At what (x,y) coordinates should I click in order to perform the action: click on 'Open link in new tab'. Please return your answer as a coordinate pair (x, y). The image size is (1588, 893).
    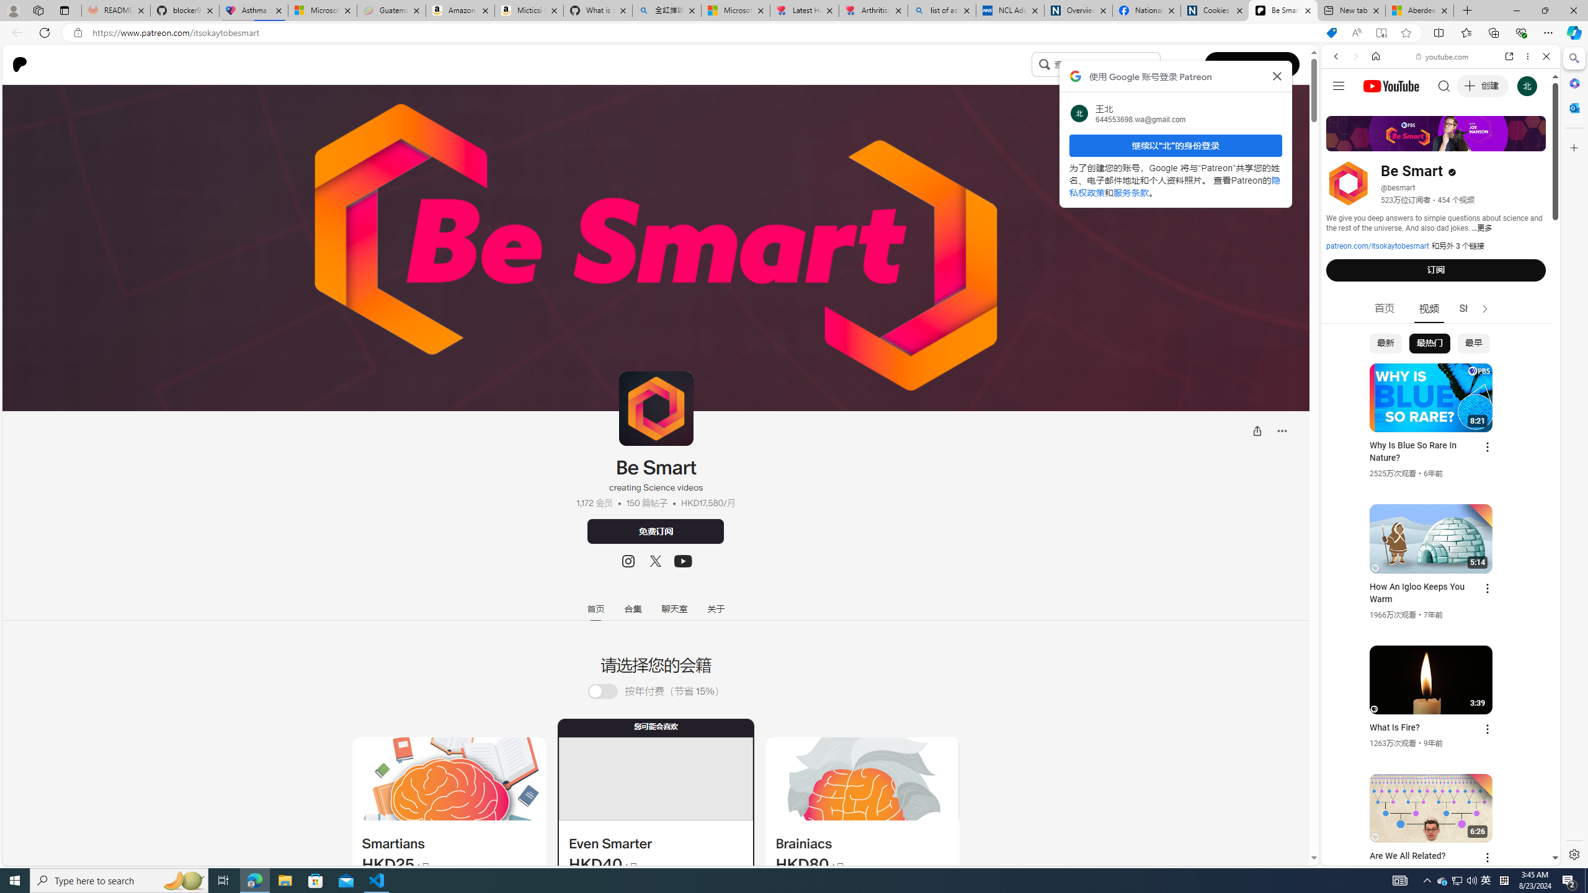
    Looking at the image, I should click on (1509, 55).